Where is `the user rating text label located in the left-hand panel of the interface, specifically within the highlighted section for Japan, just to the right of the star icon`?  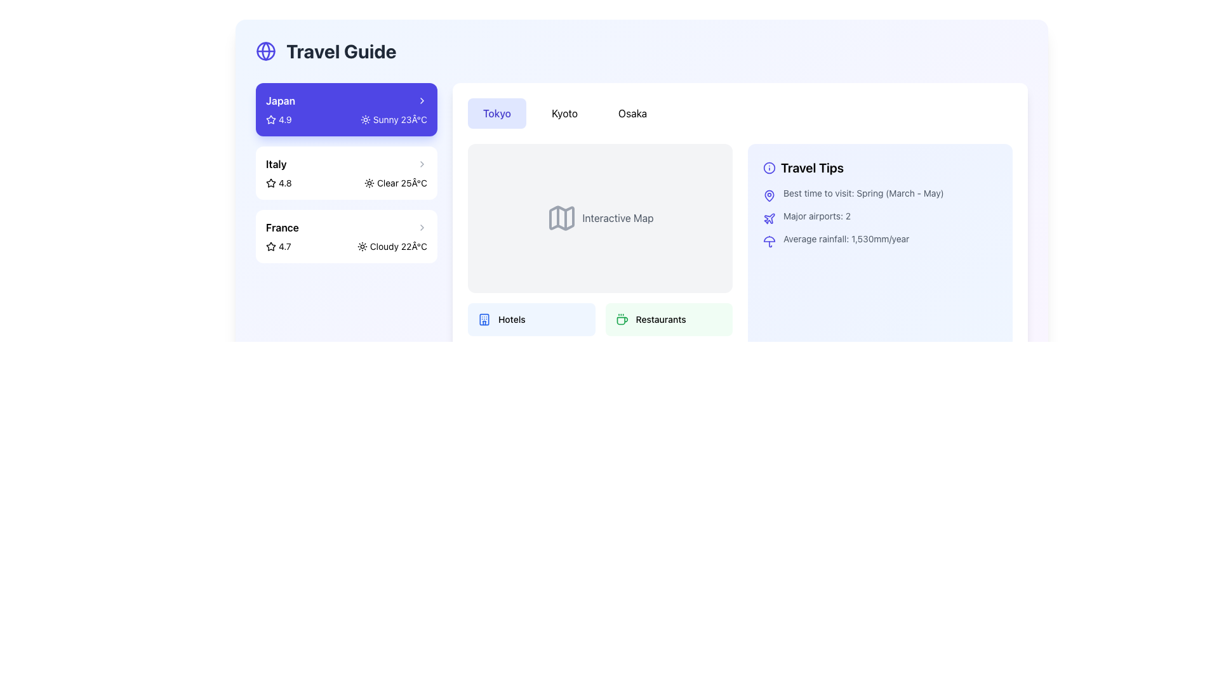
the user rating text label located in the left-hand panel of the interface, specifically within the highlighted section for Japan, just to the right of the star icon is located at coordinates (278, 120).